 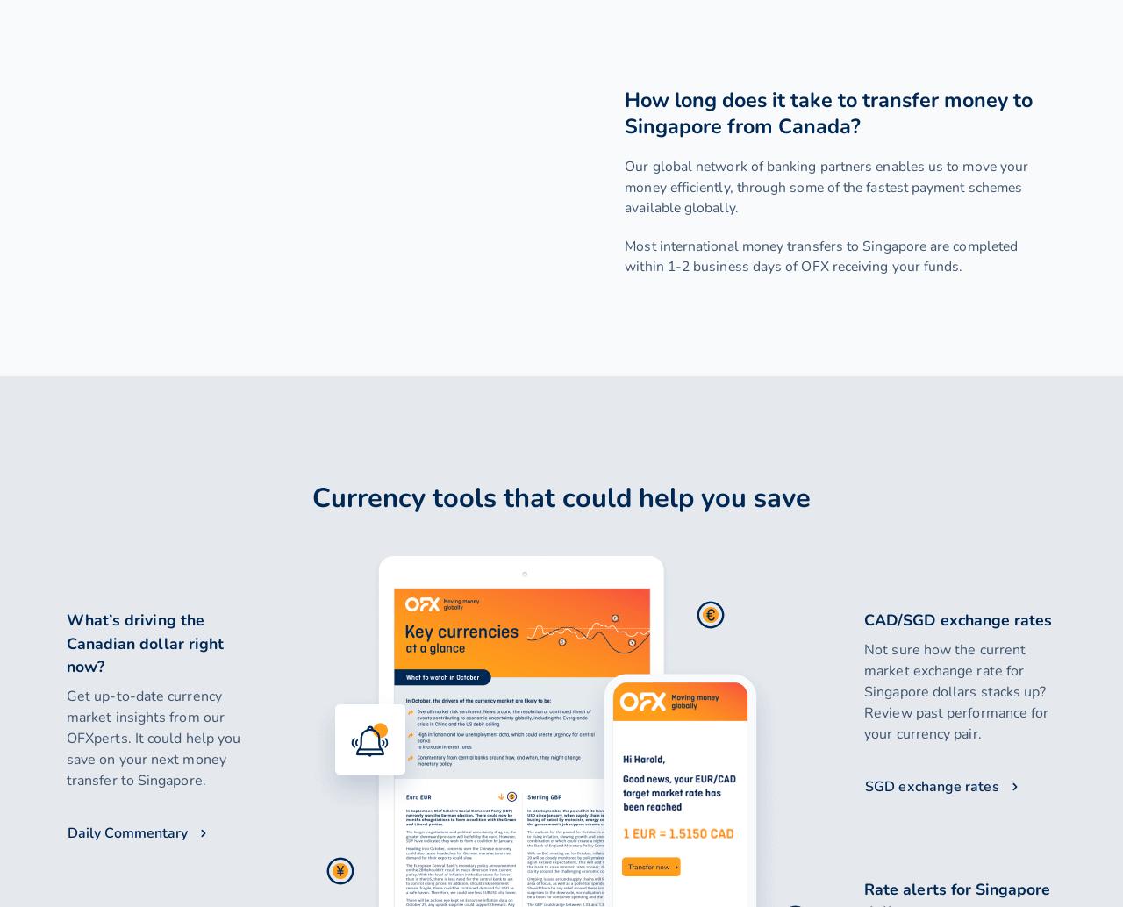 I want to click on 'Login', so click(x=81, y=48).